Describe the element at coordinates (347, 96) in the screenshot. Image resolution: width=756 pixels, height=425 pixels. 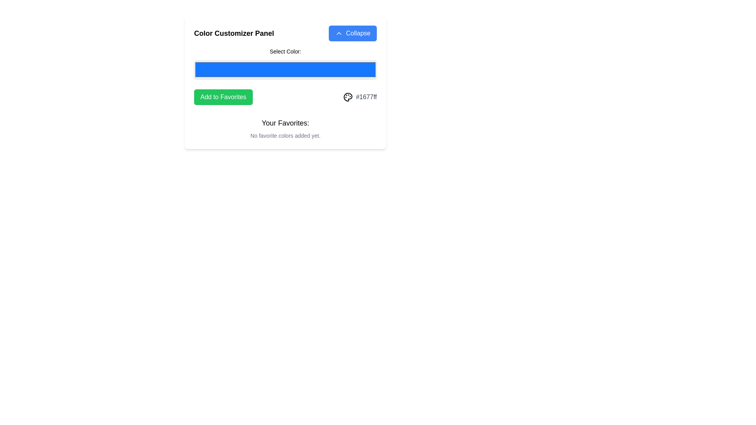
I see `the decorative palette icon located in the top-right corner of the Color Customizer panel` at that location.